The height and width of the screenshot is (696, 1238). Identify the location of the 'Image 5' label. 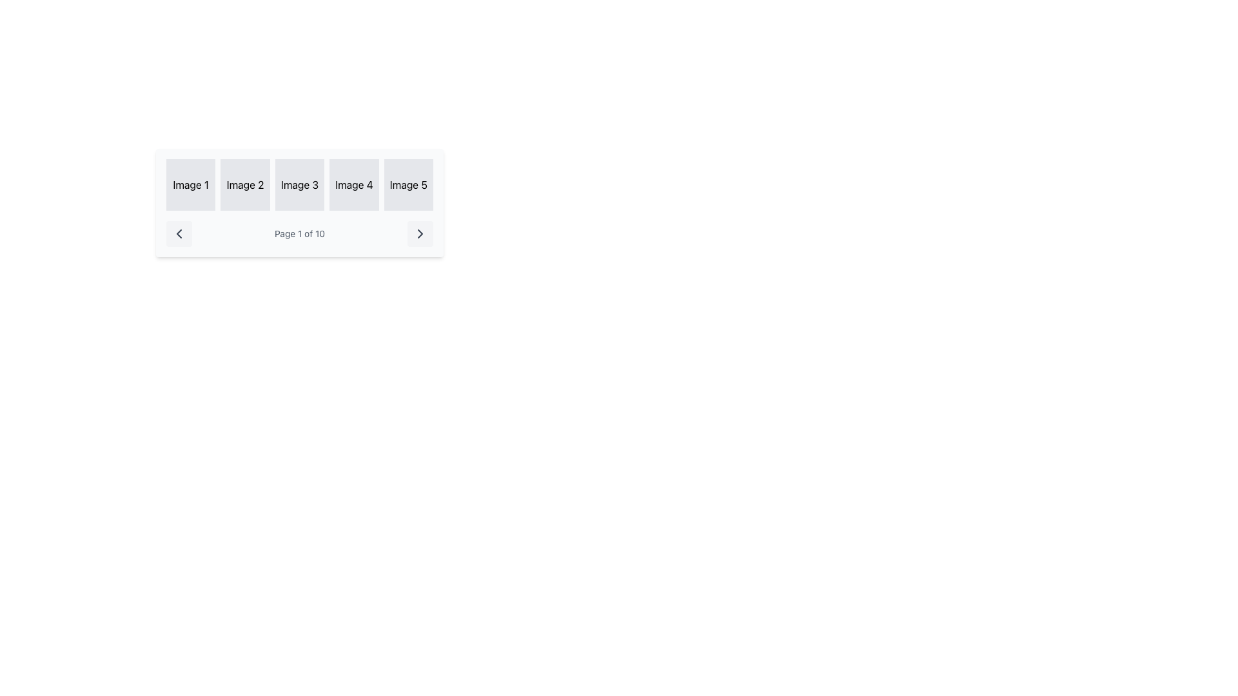
(408, 184).